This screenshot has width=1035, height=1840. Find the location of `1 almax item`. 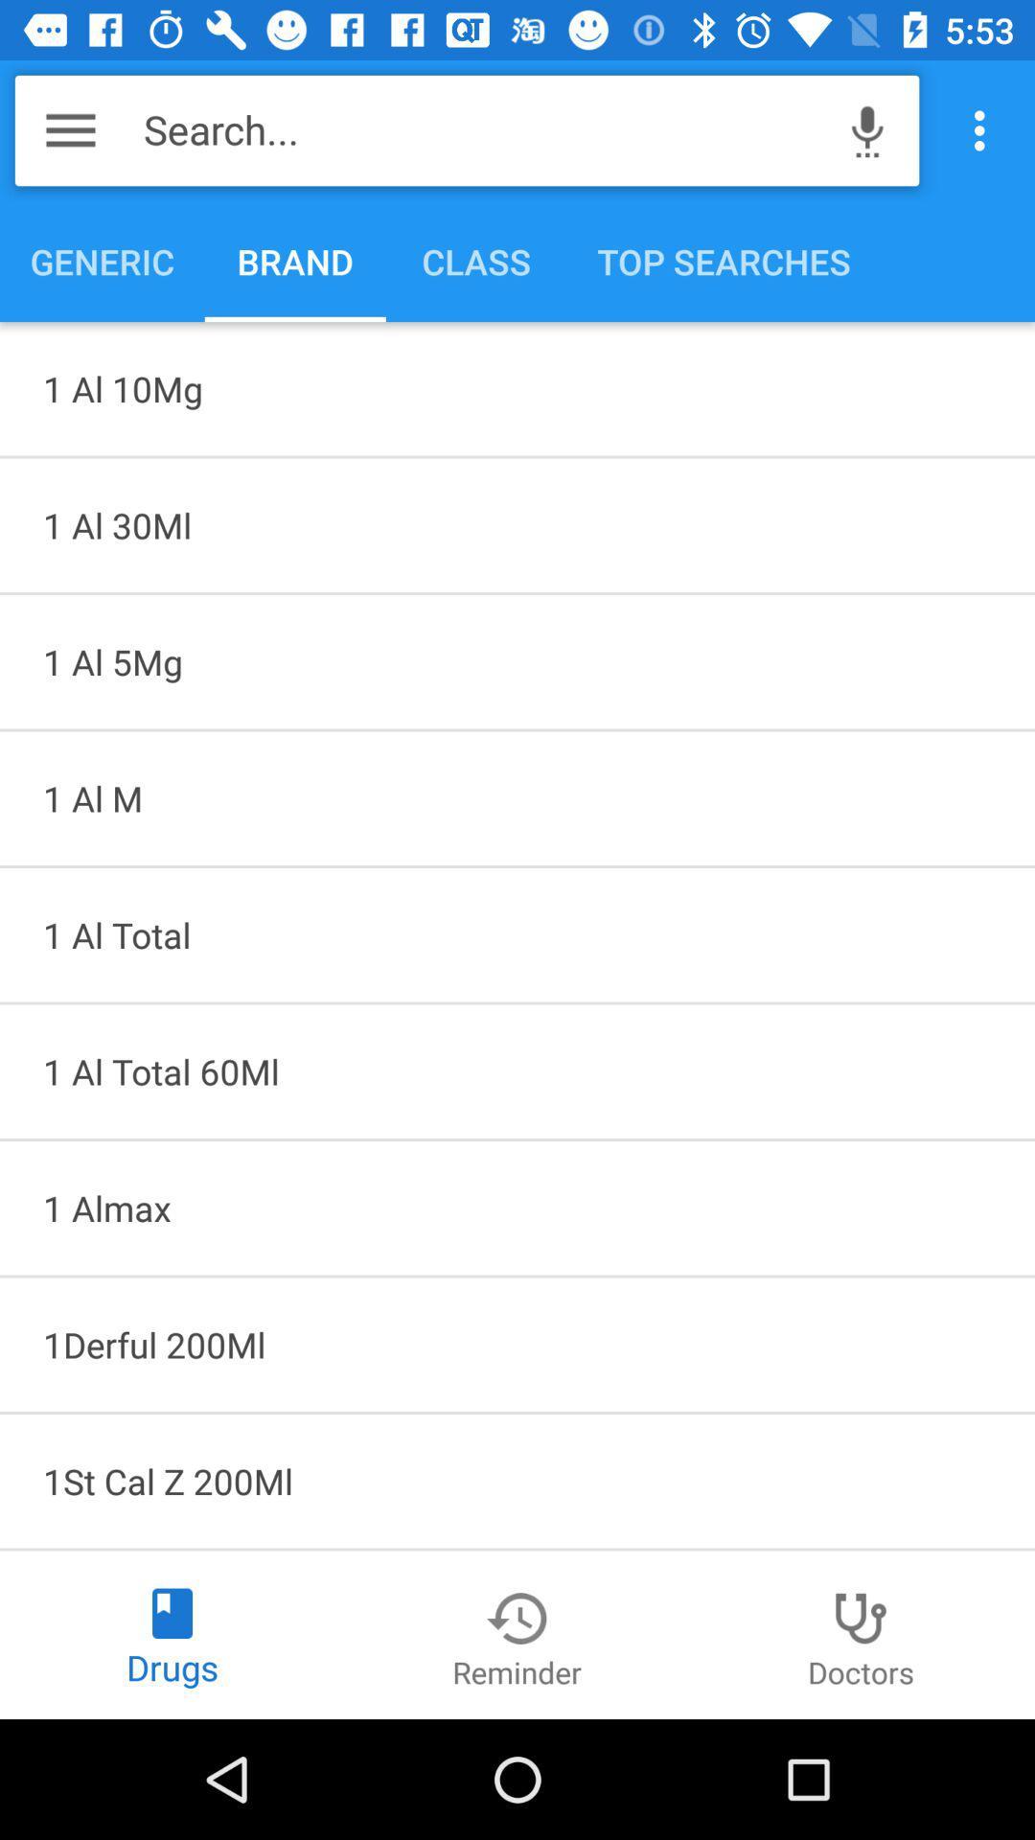

1 almax item is located at coordinates (517, 1207).